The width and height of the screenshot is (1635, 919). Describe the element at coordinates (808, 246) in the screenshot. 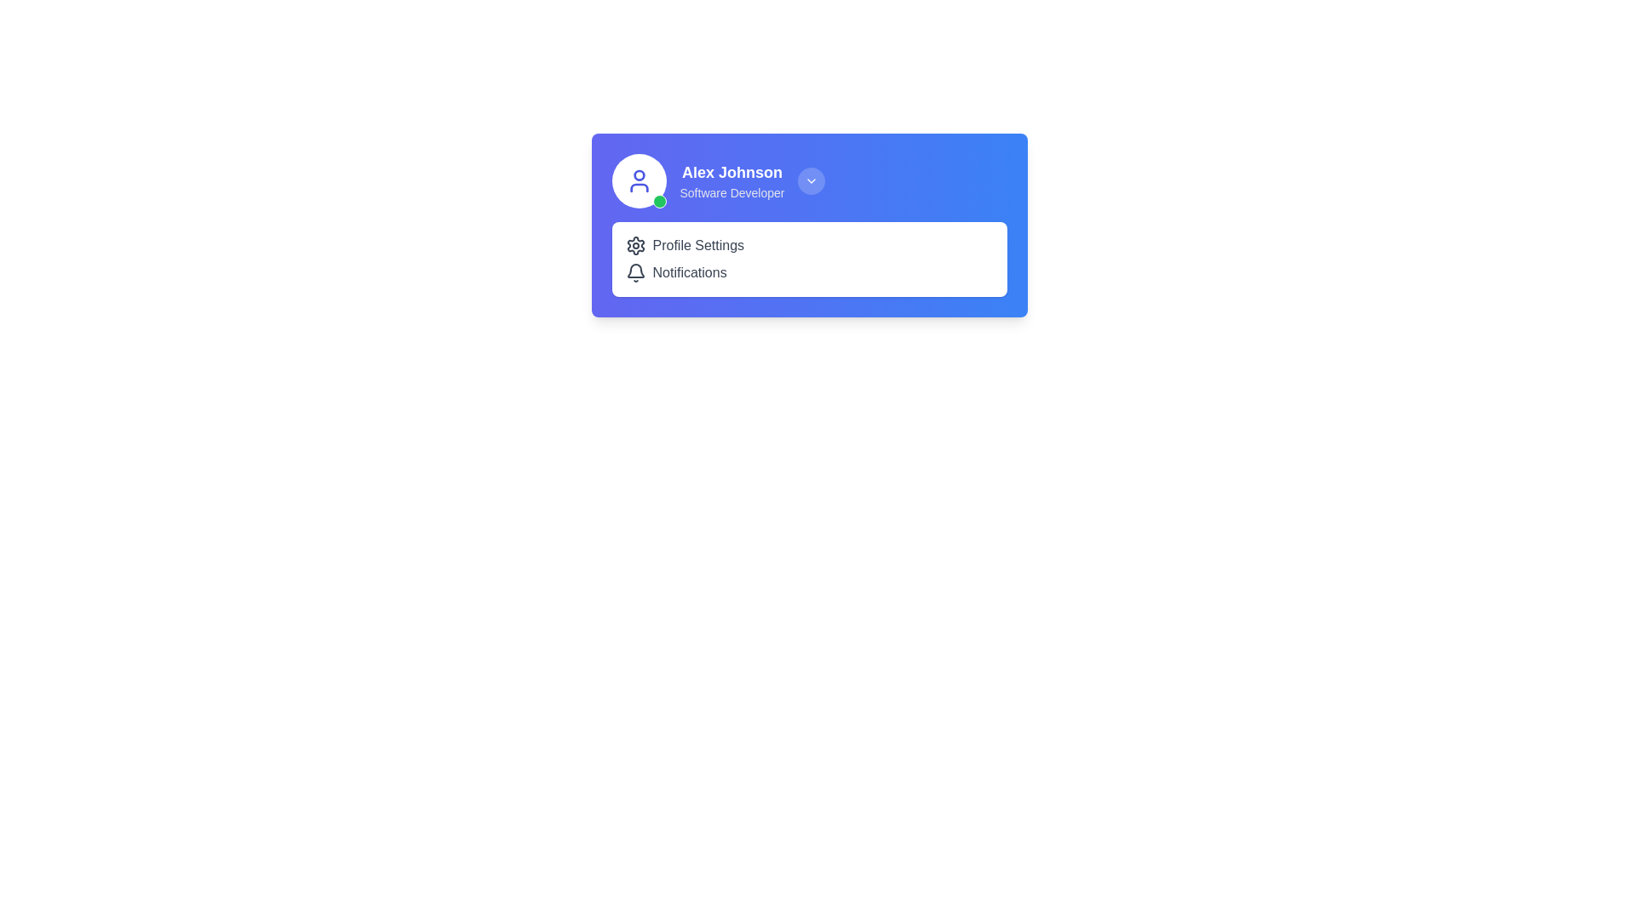

I see `the profile settings button located in the white rectangular section above the Notifications element to trigger a visual state change` at that location.